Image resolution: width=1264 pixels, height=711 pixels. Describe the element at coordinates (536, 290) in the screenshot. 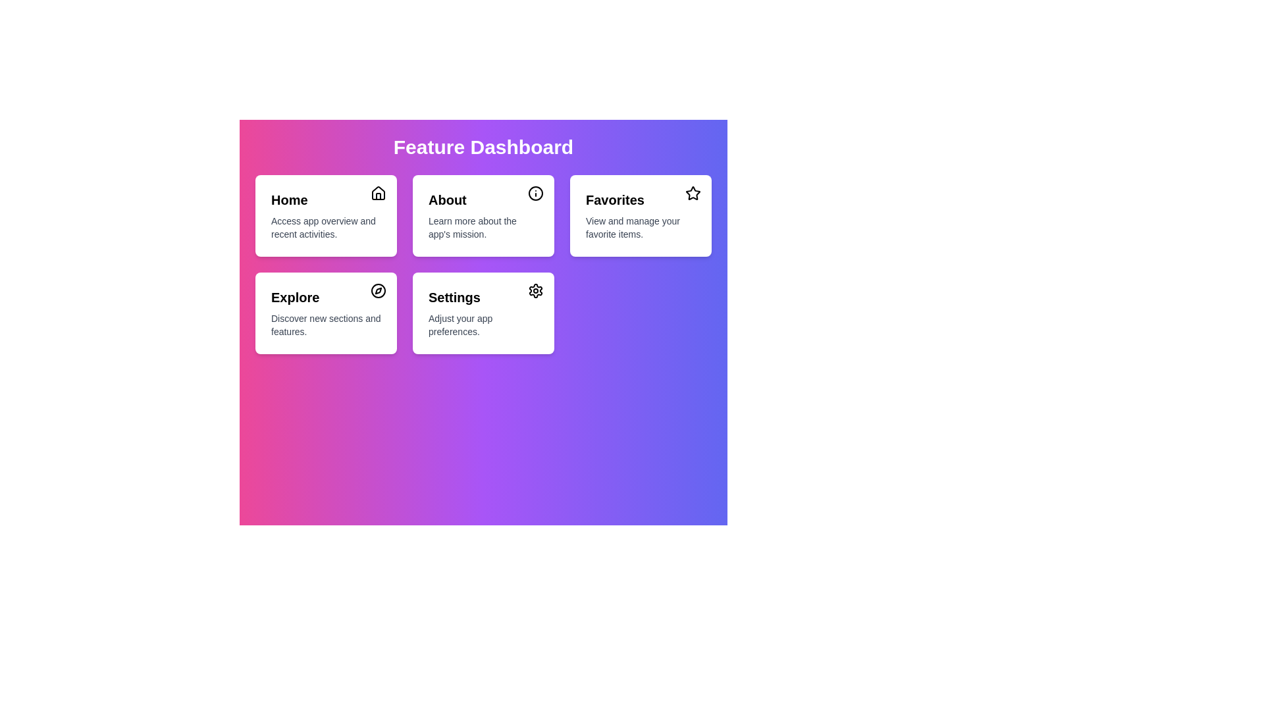

I see `the icon of the menu item labeled Settings` at that location.